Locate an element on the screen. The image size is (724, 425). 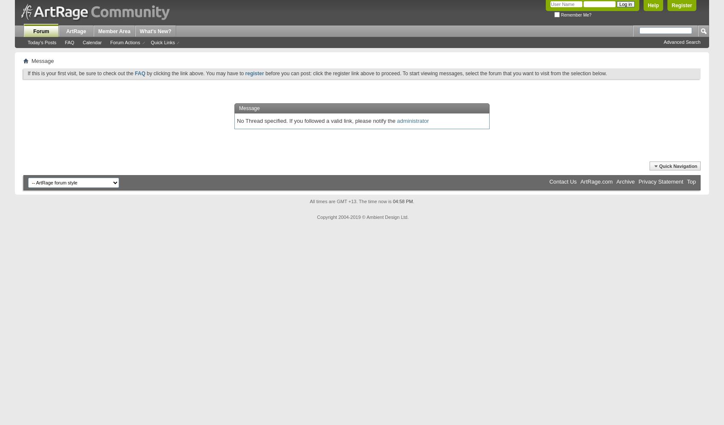
'No Thread specified. If you followed a valid link, please notify the' is located at coordinates (316, 120).